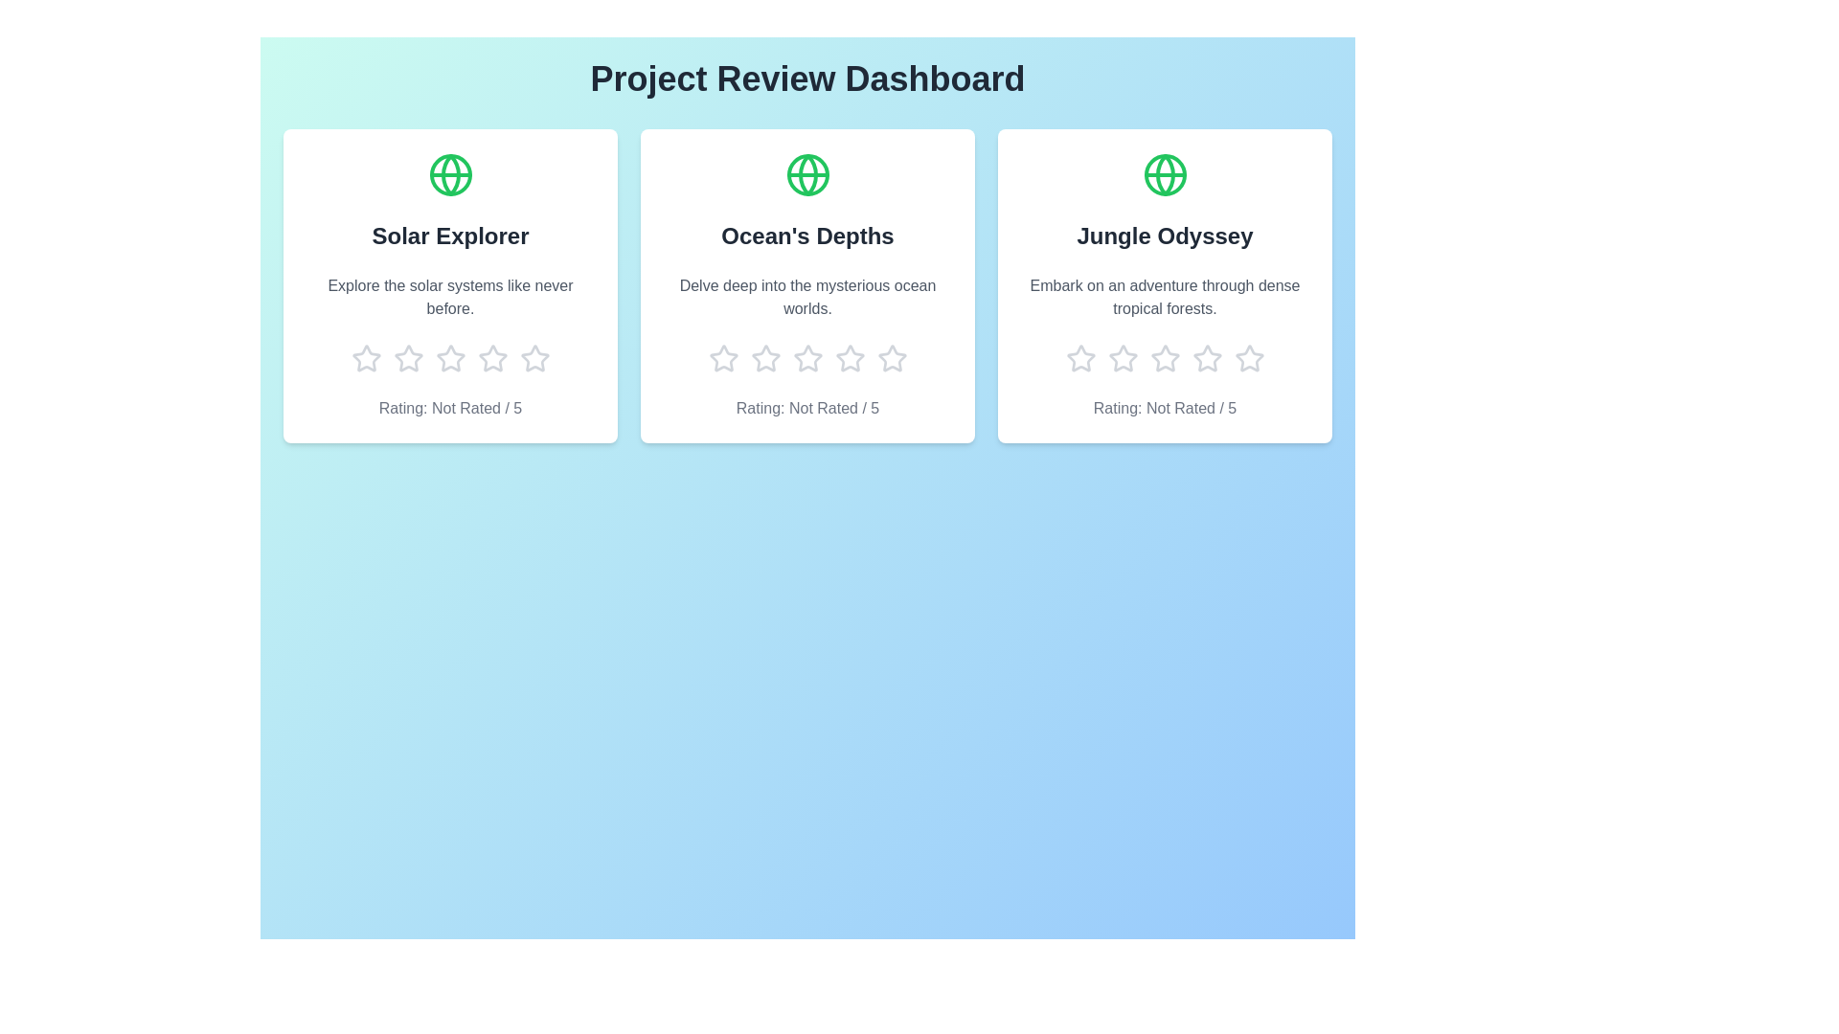 This screenshot has height=1034, width=1839. Describe the element at coordinates (1164, 286) in the screenshot. I see `the project card for Jungle Odyssey to view its details` at that location.